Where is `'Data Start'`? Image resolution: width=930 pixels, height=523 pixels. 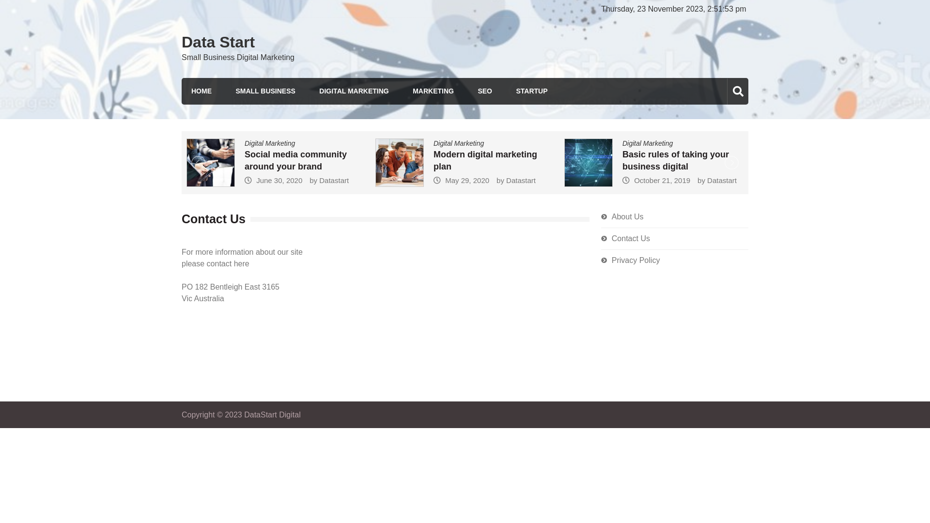
'Data Start' is located at coordinates (217, 42).